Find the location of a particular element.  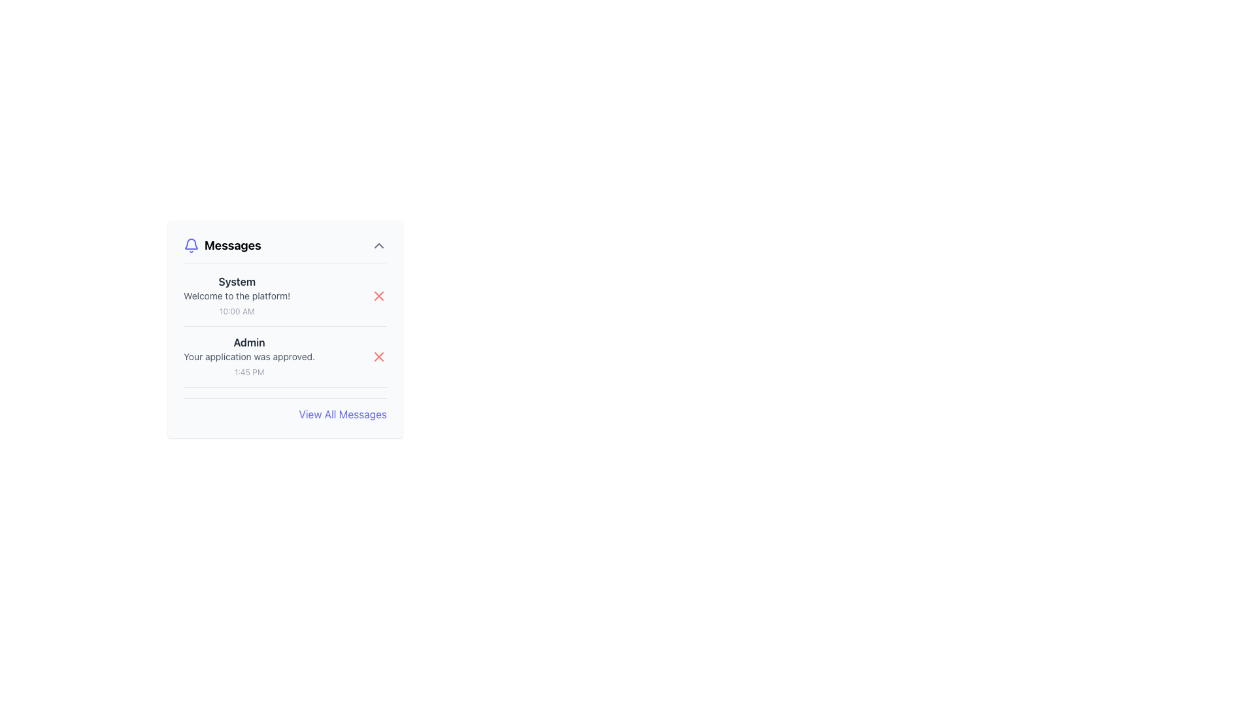

the static text element displaying 'Welcome to the platform!' which is located below the 'System' label and above the timestamp '10:00 AM' is located at coordinates (237, 295).